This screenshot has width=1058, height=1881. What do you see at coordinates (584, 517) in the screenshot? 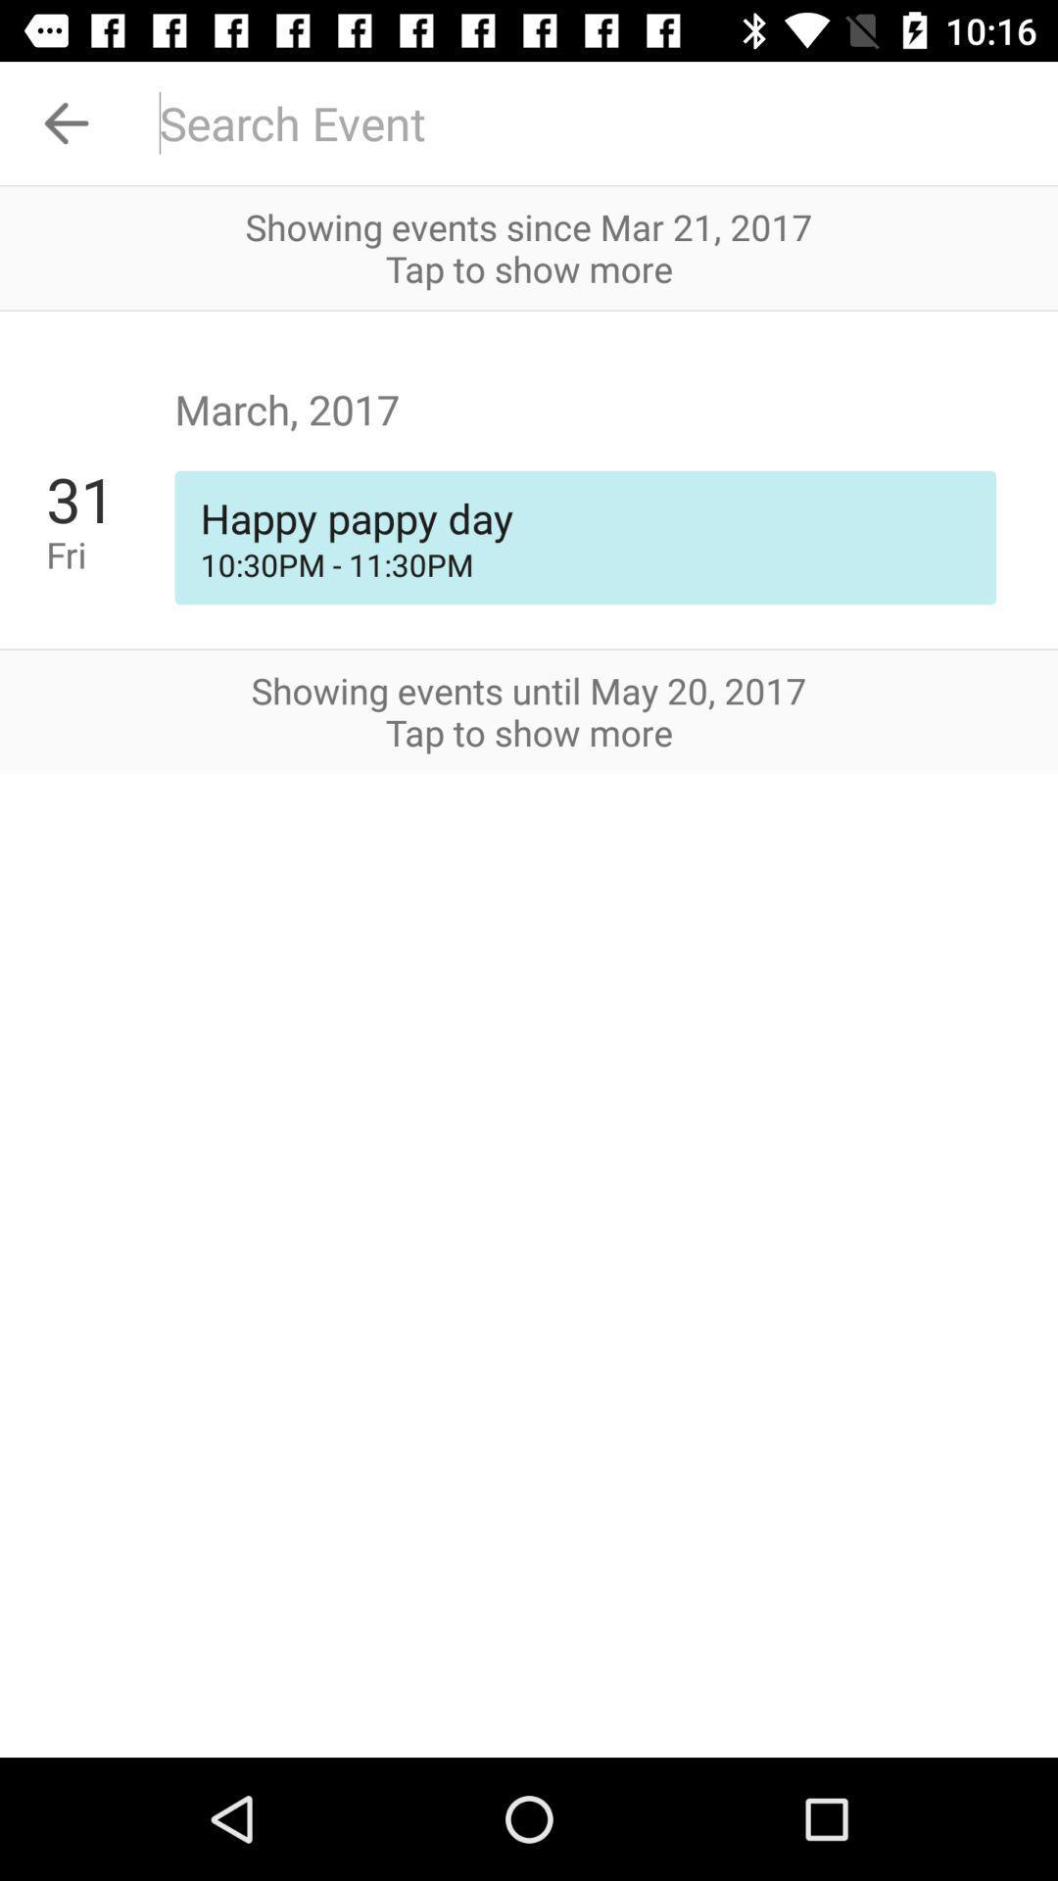
I see `happy pappy day item` at bounding box center [584, 517].